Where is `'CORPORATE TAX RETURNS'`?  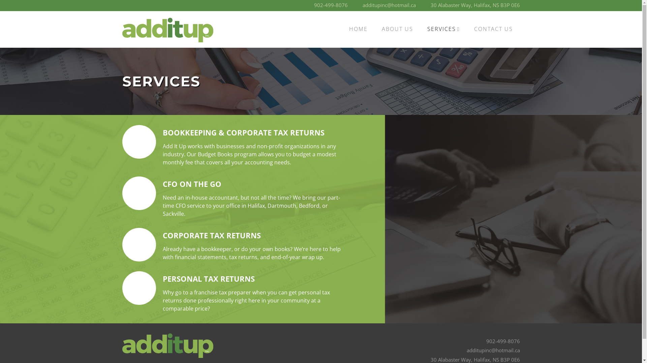 'CORPORATE TAX RETURNS' is located at coordinates (211, 235).